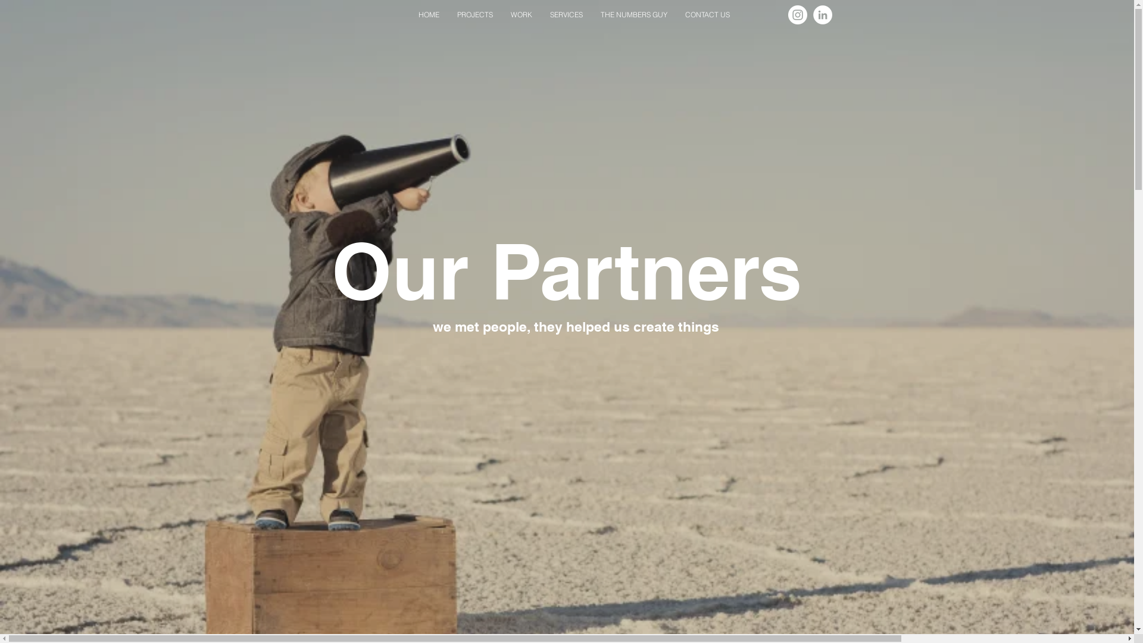 The height and width of the screenshot is (643, 1143). What do you see at coordinates (540, 14) in the screenshot?
I see `'SERVICES'` at bounding box center [540, 14].